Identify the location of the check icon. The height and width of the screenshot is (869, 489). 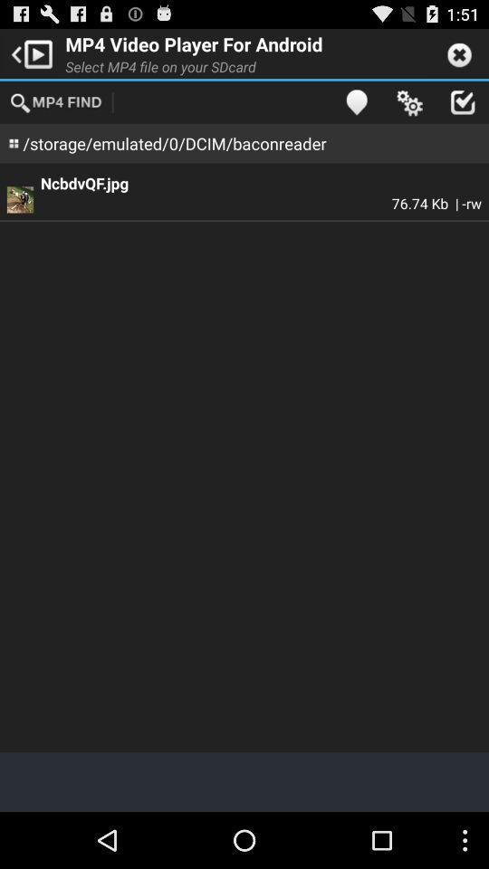
(462, 109).